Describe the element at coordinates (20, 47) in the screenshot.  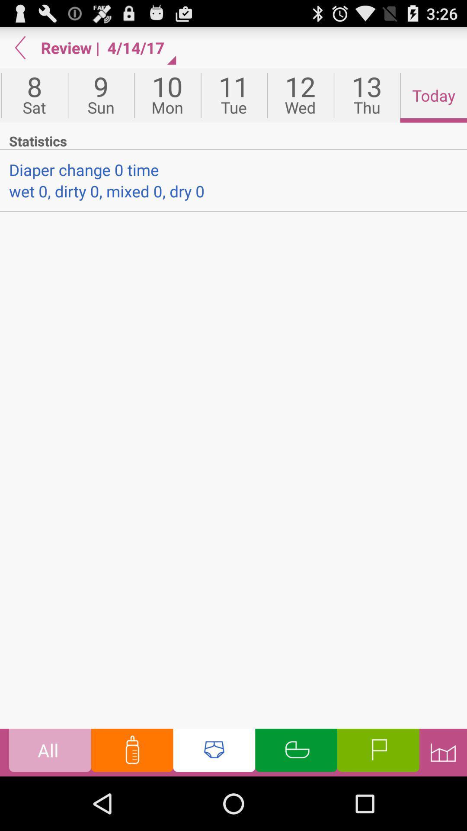
I see `go back` at that location.